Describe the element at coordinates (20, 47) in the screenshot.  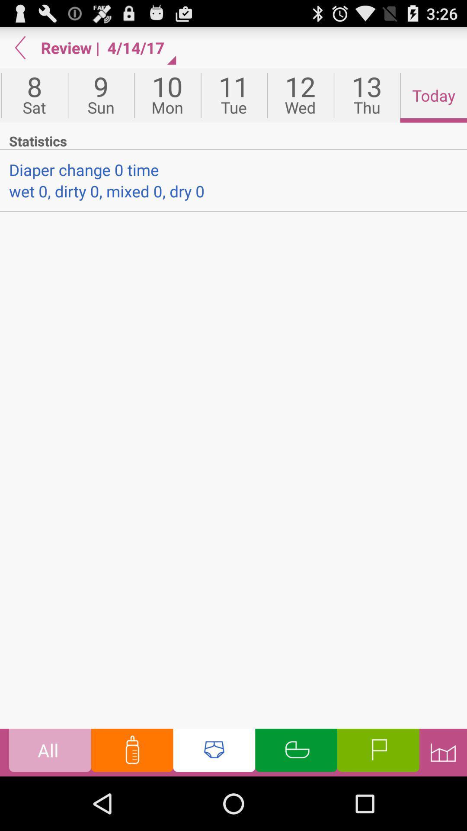
I see `go back` at that location.